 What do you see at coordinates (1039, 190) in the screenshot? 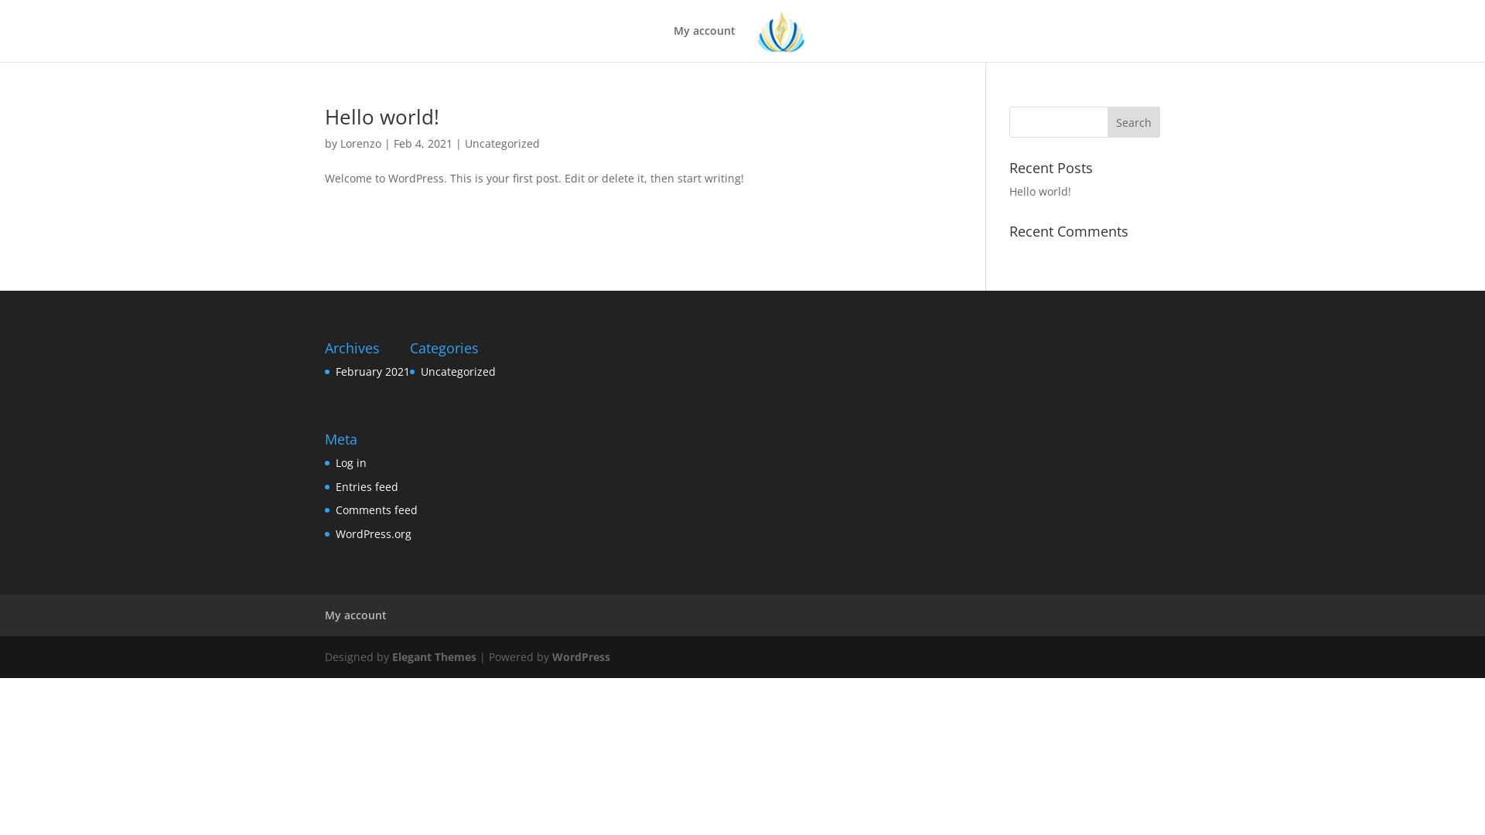
I see `'Hello world!'` at bounding box center [1039, 190].